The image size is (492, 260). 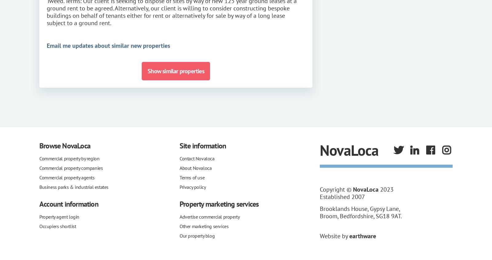 What do you see at coordinates (385, 189) in the screenshot?
I see `'2023'` at bounding box center [385, 189].